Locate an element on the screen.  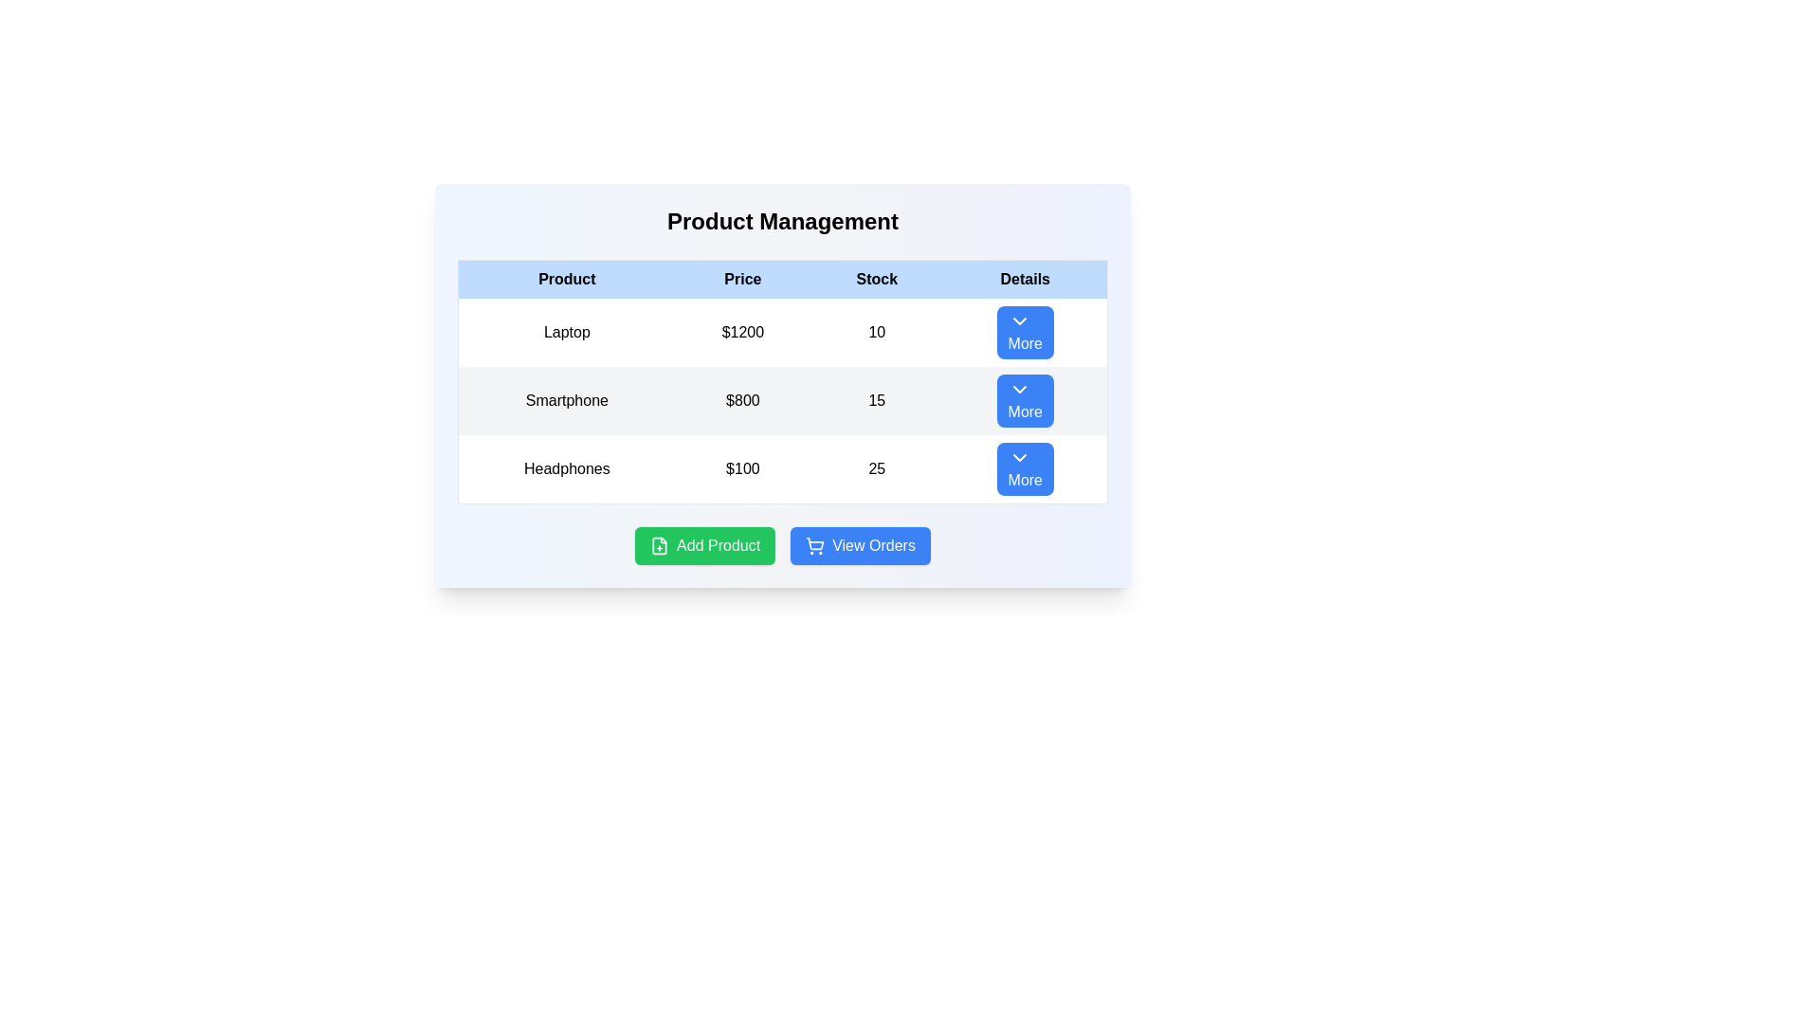
the 'Stock' header label, which is the third label in a row of four, displayed in bold black font on a light blue background, positioned between 'Price' and 'Details' is located at coordinates (876, 279).